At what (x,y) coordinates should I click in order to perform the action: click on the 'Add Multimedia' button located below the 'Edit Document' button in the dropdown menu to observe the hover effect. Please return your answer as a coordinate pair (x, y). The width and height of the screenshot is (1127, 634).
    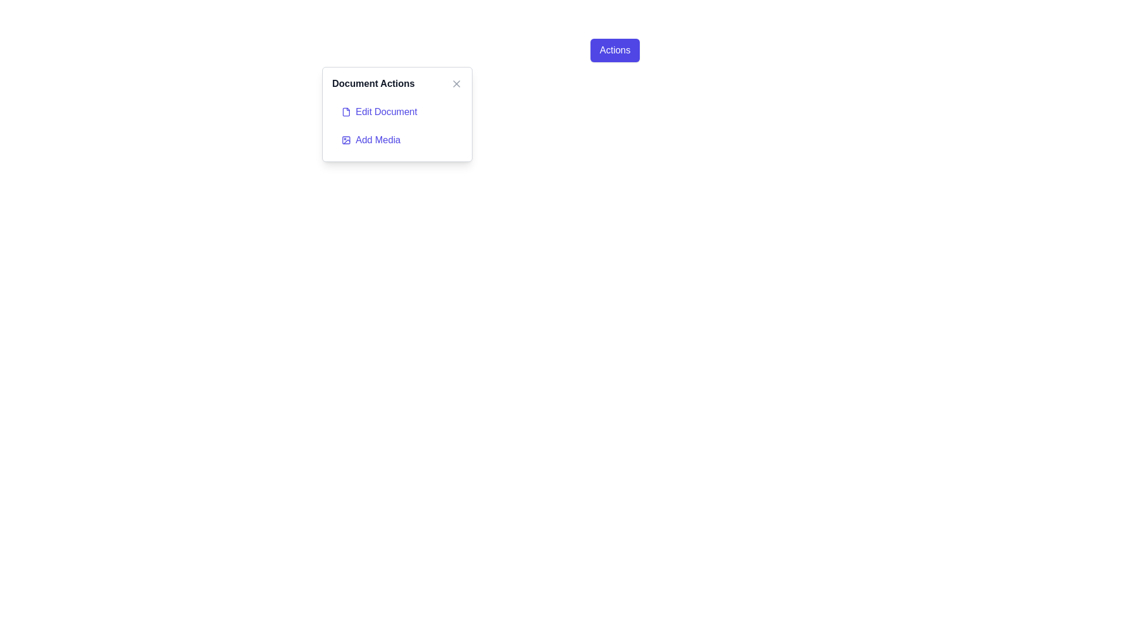
    Looking at the image, I should click on (397, 140).